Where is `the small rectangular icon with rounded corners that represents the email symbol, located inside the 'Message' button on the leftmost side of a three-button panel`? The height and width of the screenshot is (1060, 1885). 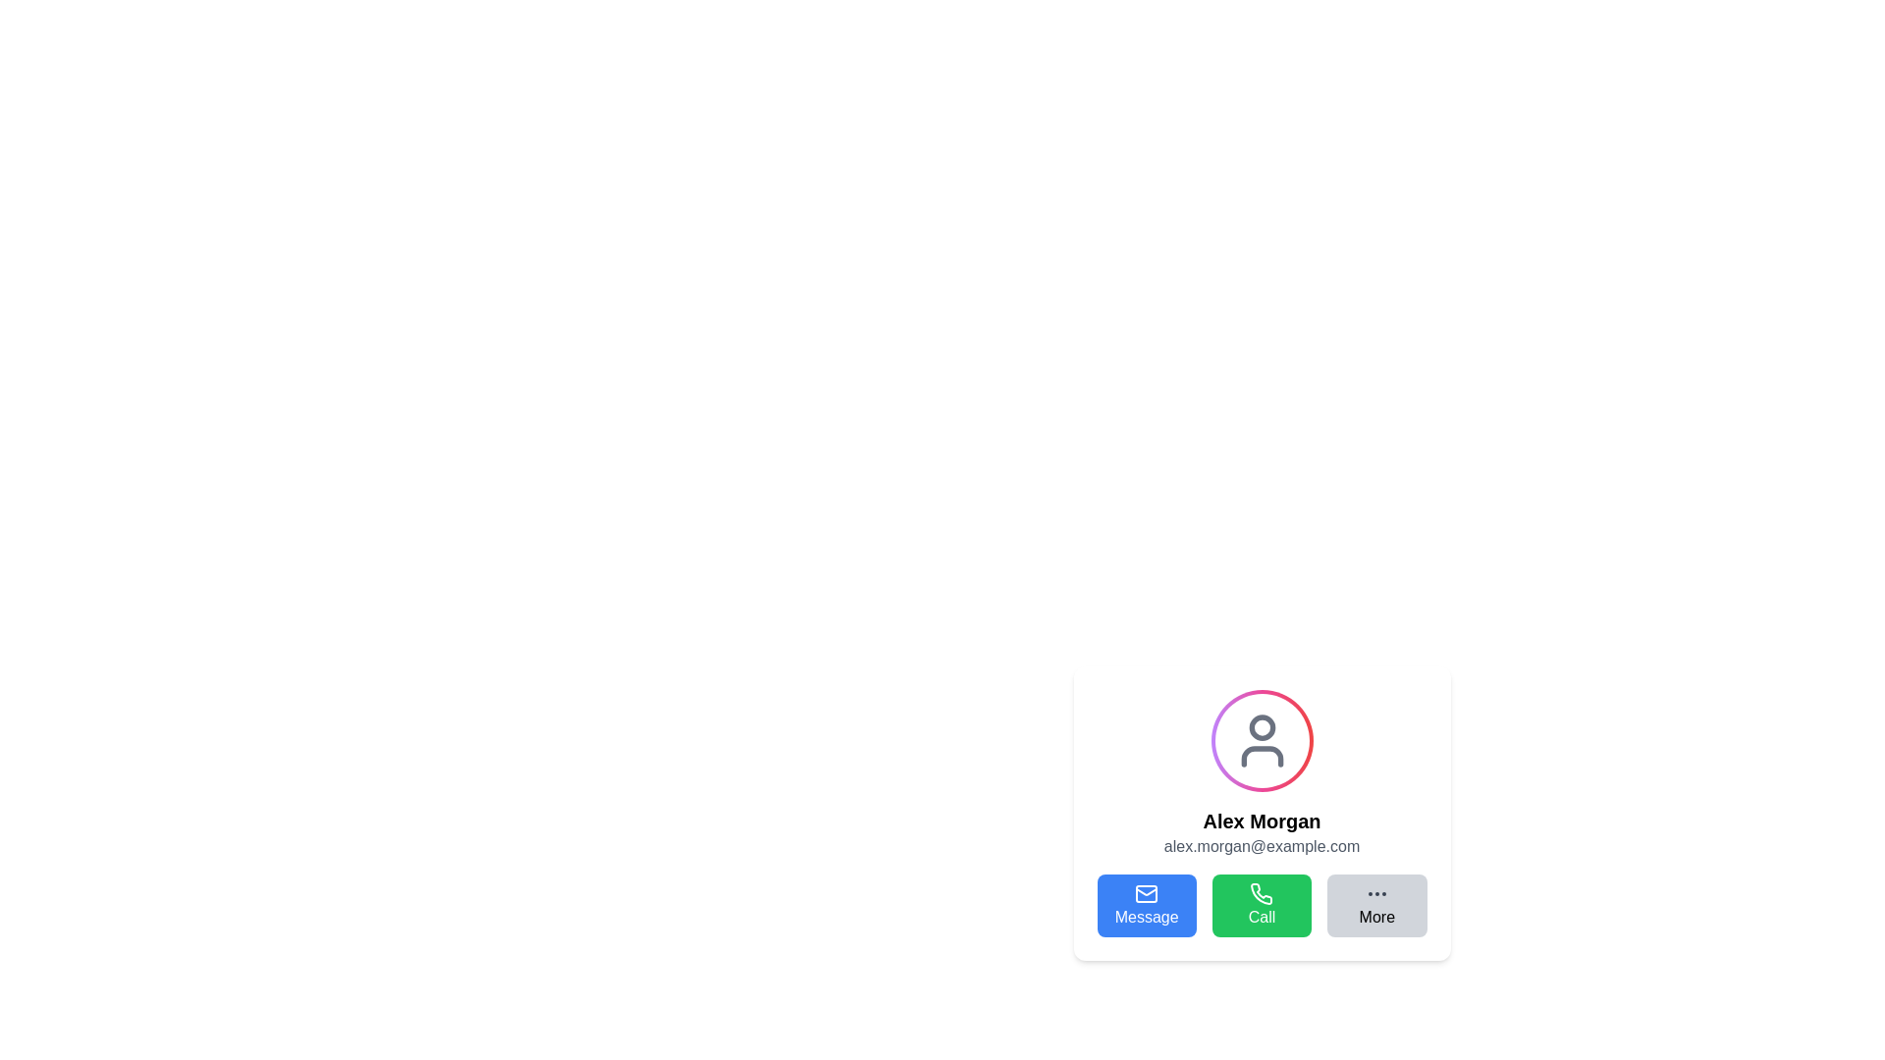
the small rectangular icon with rounded corners that represents the email symbol, located inside the 'Message' button on the leftmost side of a three-button panel is located at coordinates (1147, 893).